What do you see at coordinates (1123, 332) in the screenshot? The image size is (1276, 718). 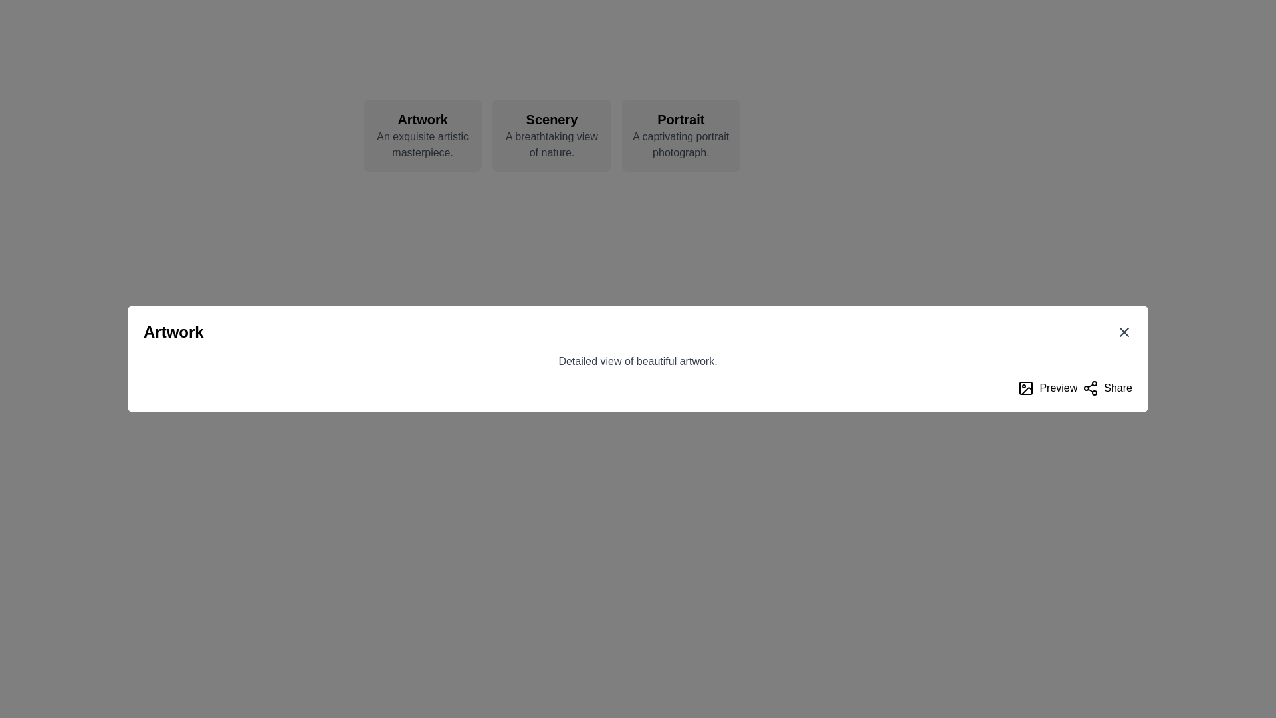 I see `the square button with an 'X' icon located at the top-right corner of the artwork view` at bounding box center [1123, 332].